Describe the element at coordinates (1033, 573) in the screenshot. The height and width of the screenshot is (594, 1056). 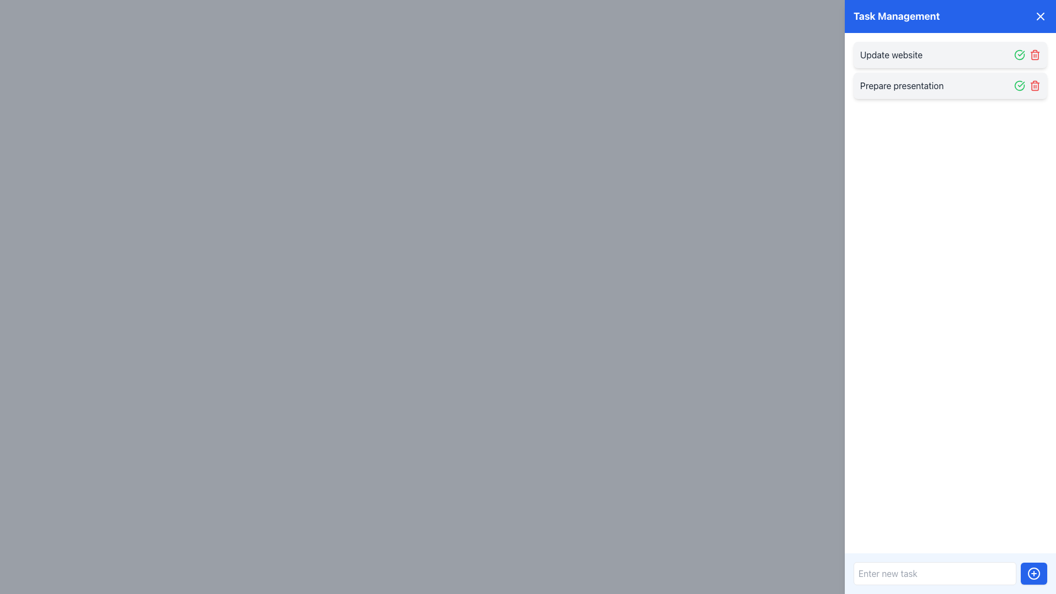
I see `the 'Add Task' button located at the bottom right corner of the task management tool` at that location.